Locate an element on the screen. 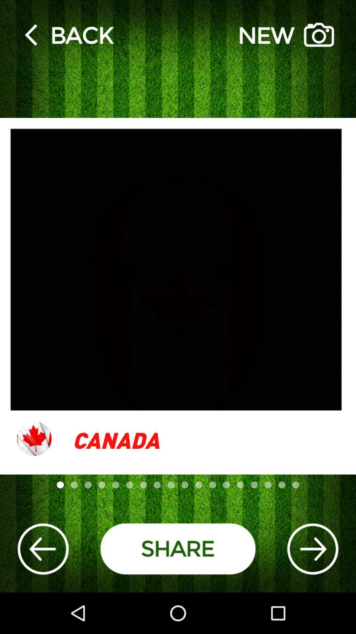 Image resolution: width=356 pixels, height=634 pixels. go next is located at coordinates (312, 549).